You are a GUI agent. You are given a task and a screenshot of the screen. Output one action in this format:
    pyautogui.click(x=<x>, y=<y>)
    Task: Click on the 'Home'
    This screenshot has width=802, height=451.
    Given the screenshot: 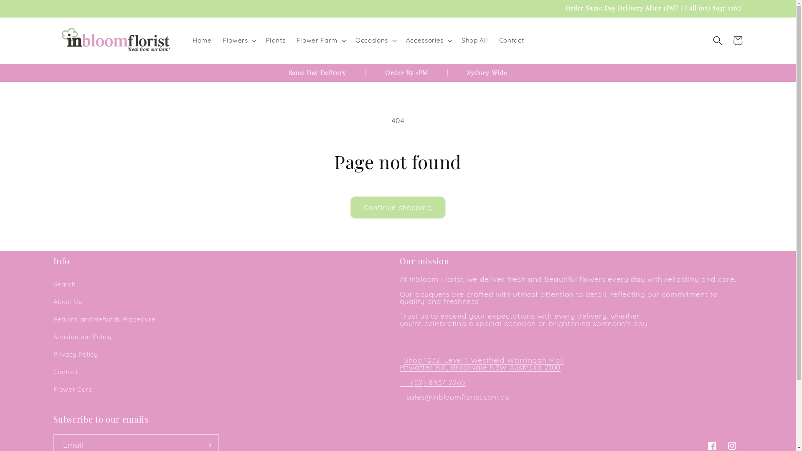 What is the action you would take?
    pyautogui.click(x=202, y=40)
    